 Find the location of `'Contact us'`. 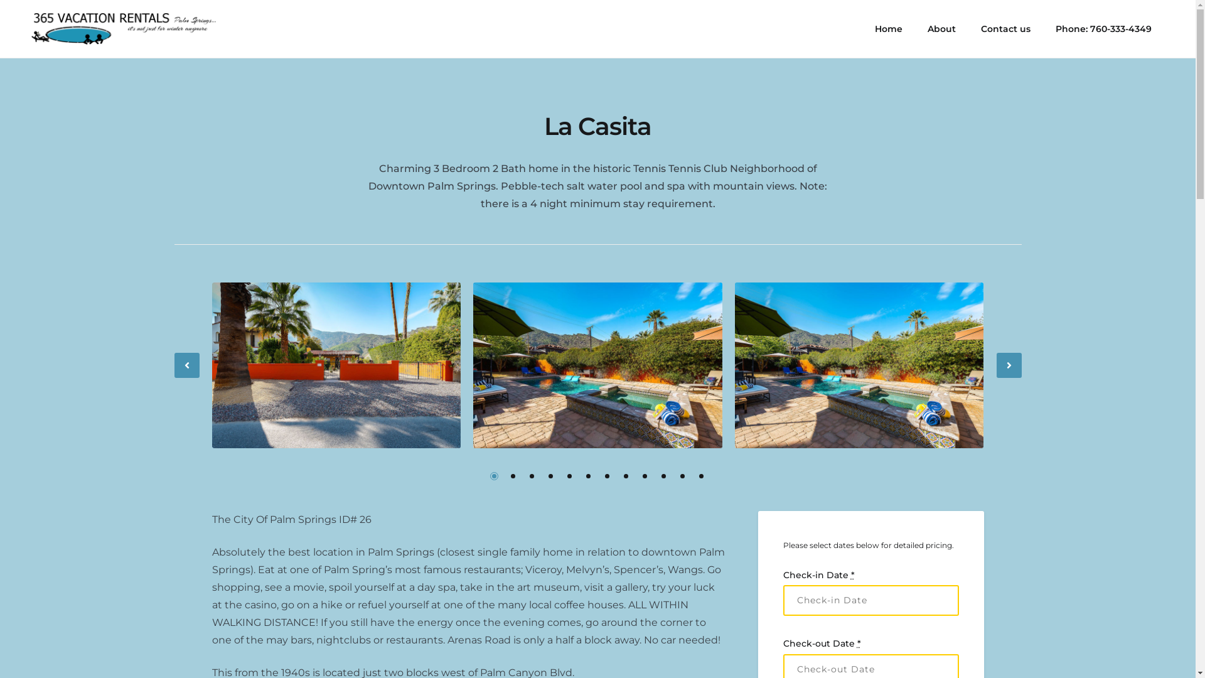

'Contact us' is located at coordinates (1005, 28).